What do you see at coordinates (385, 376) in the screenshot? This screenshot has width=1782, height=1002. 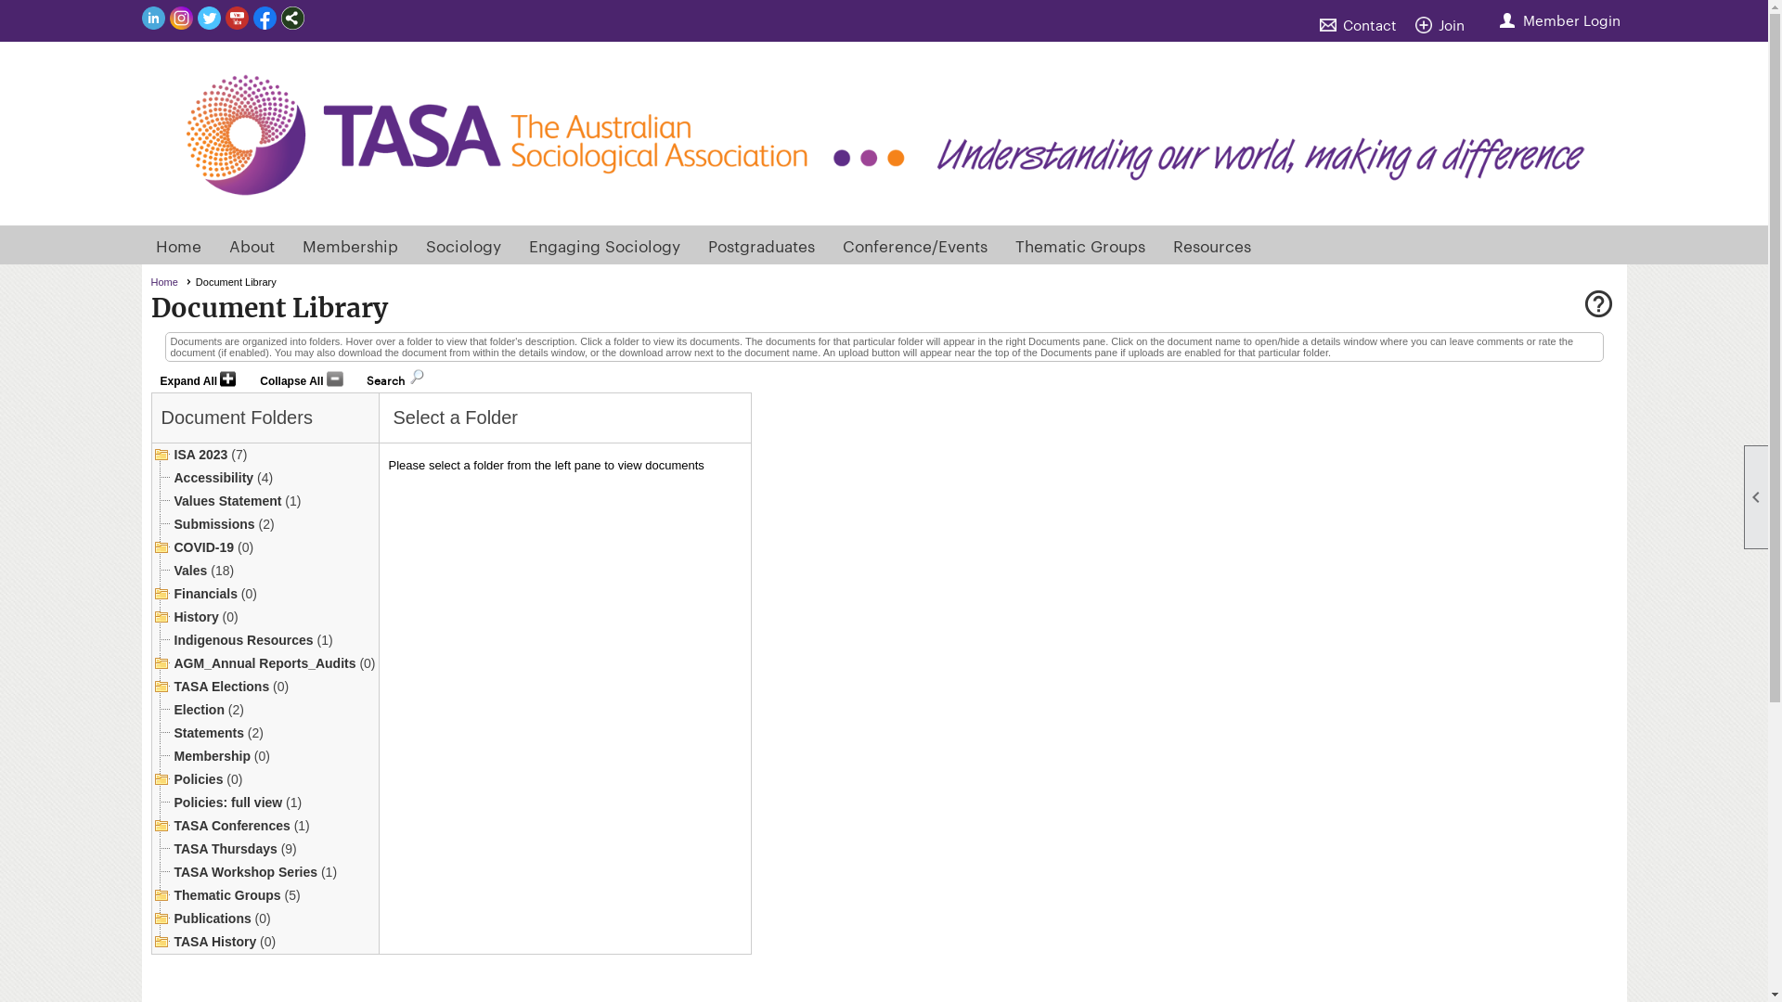 I see `'Search'` at bounding box center [385, 376].